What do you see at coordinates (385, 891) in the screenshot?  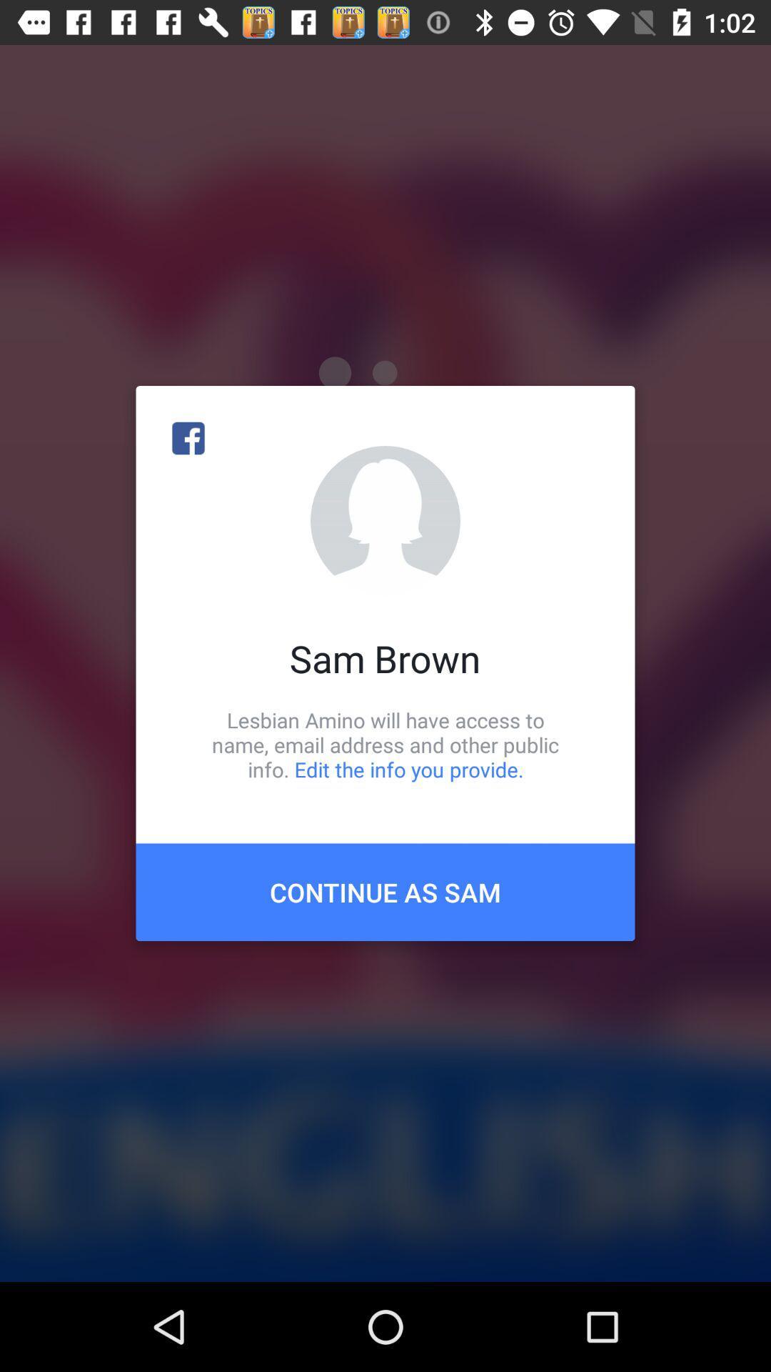 I see `the continue as sam item` at bounding box center [385, 891].